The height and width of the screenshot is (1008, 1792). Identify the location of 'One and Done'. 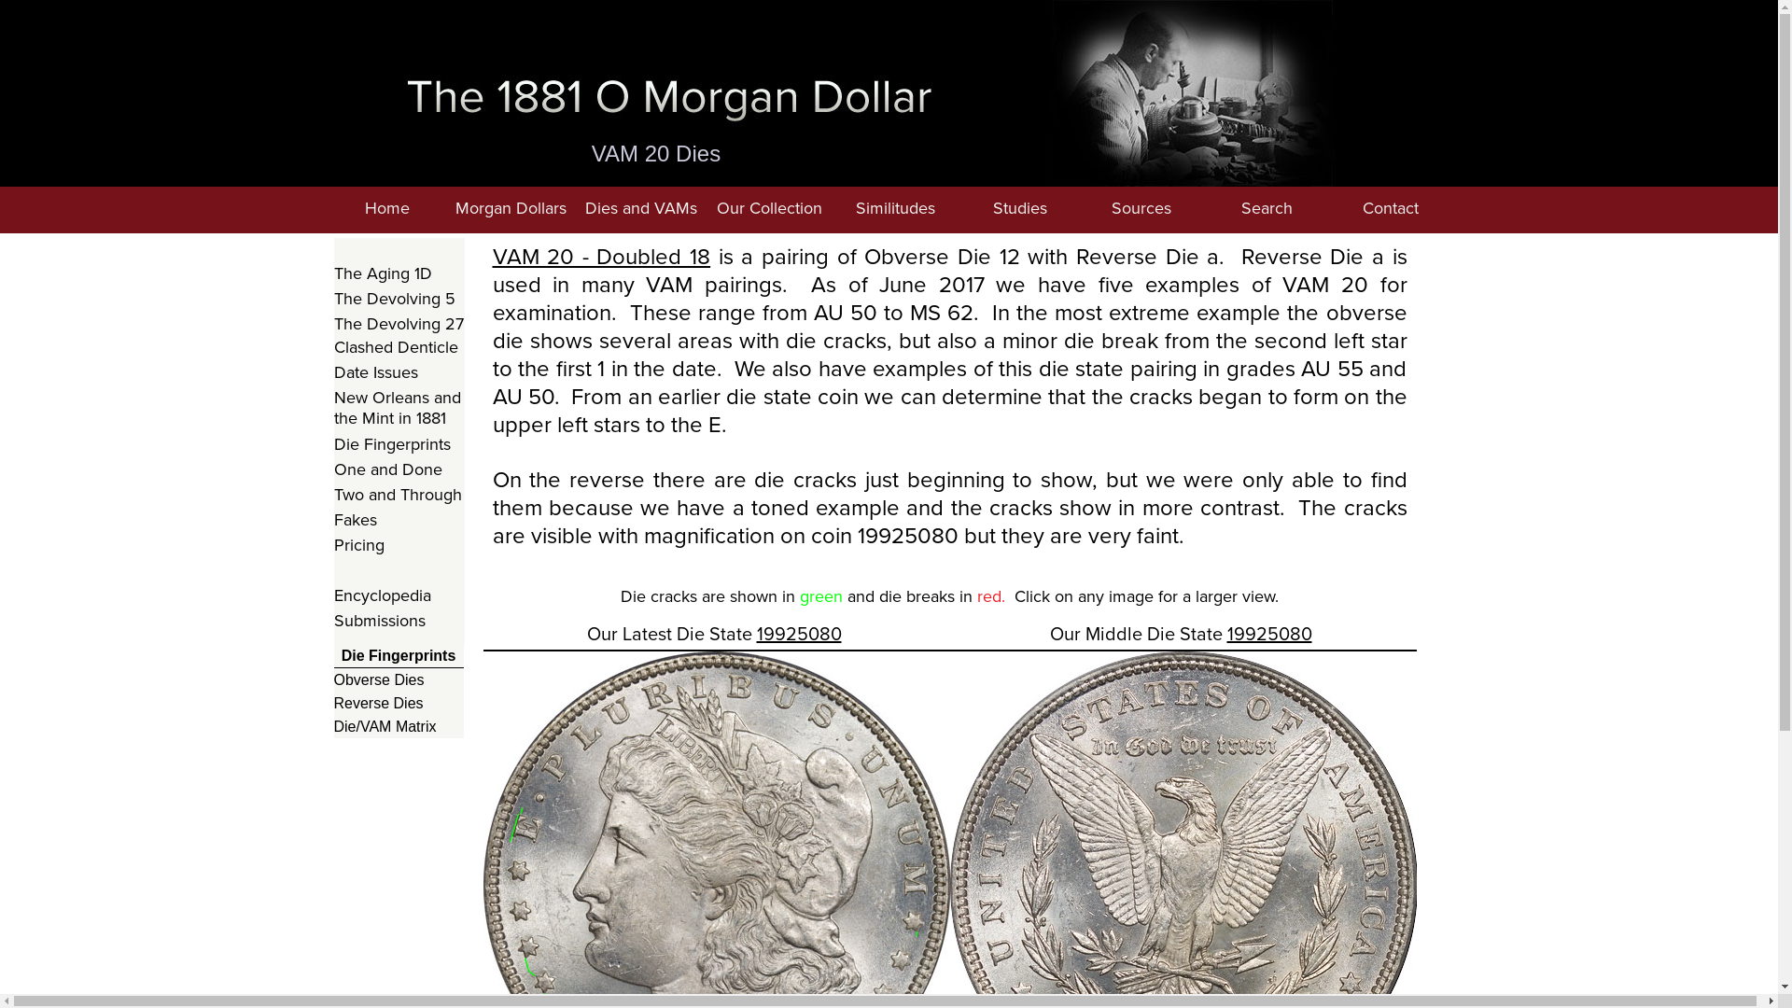
(398, 469).